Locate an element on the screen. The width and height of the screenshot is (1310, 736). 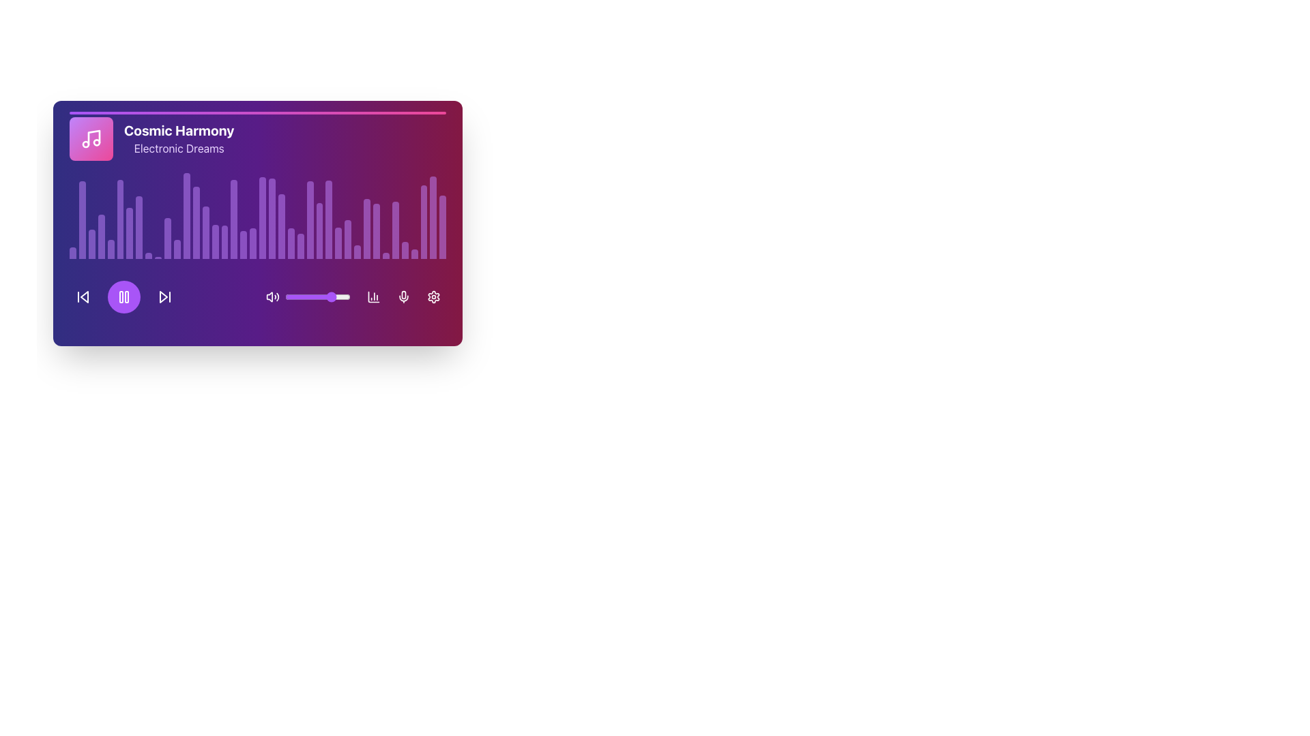
the volume level is located at coordinates (315, 296).